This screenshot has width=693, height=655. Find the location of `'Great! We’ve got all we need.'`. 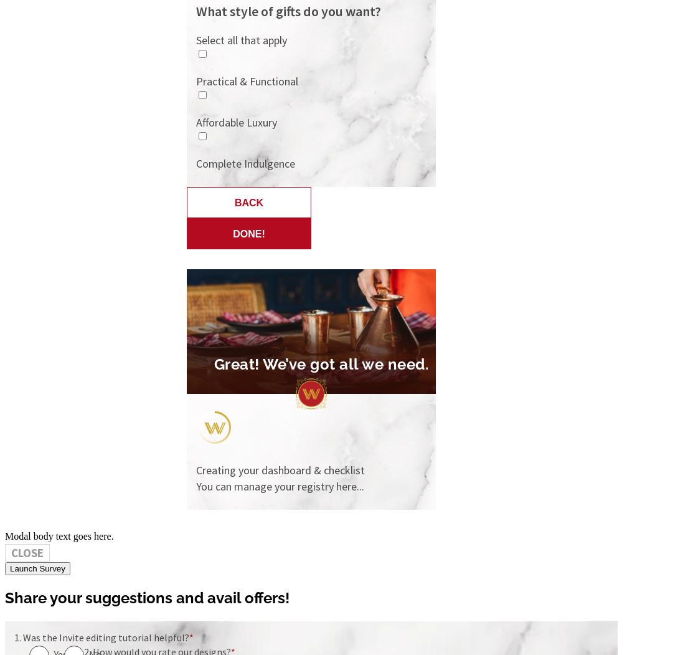

'Great! We’ve got all we need.' is located at coordinates (321, 364).